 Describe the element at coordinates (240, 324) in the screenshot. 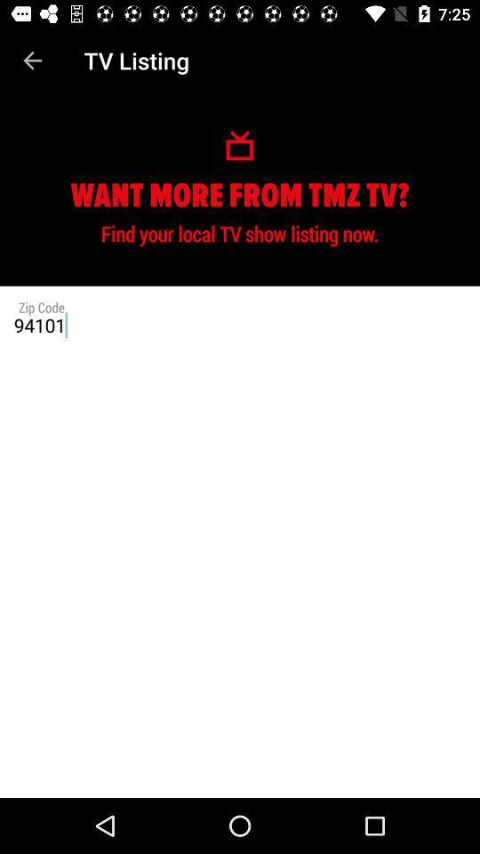

I see `94101` at that location.